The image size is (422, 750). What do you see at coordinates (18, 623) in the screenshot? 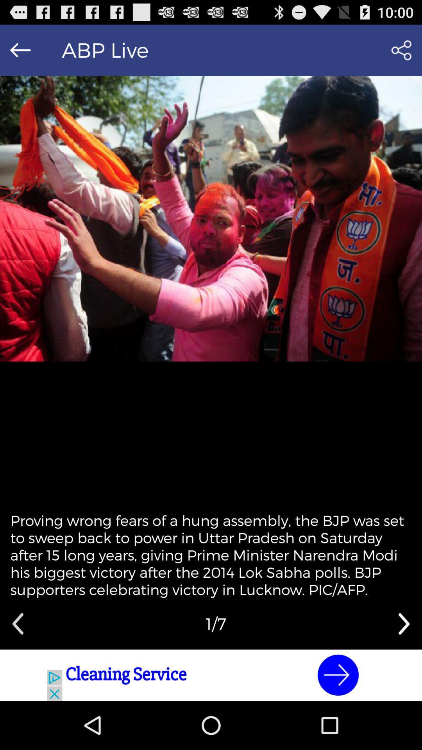
I see `back` at bounding box center [18, 623].